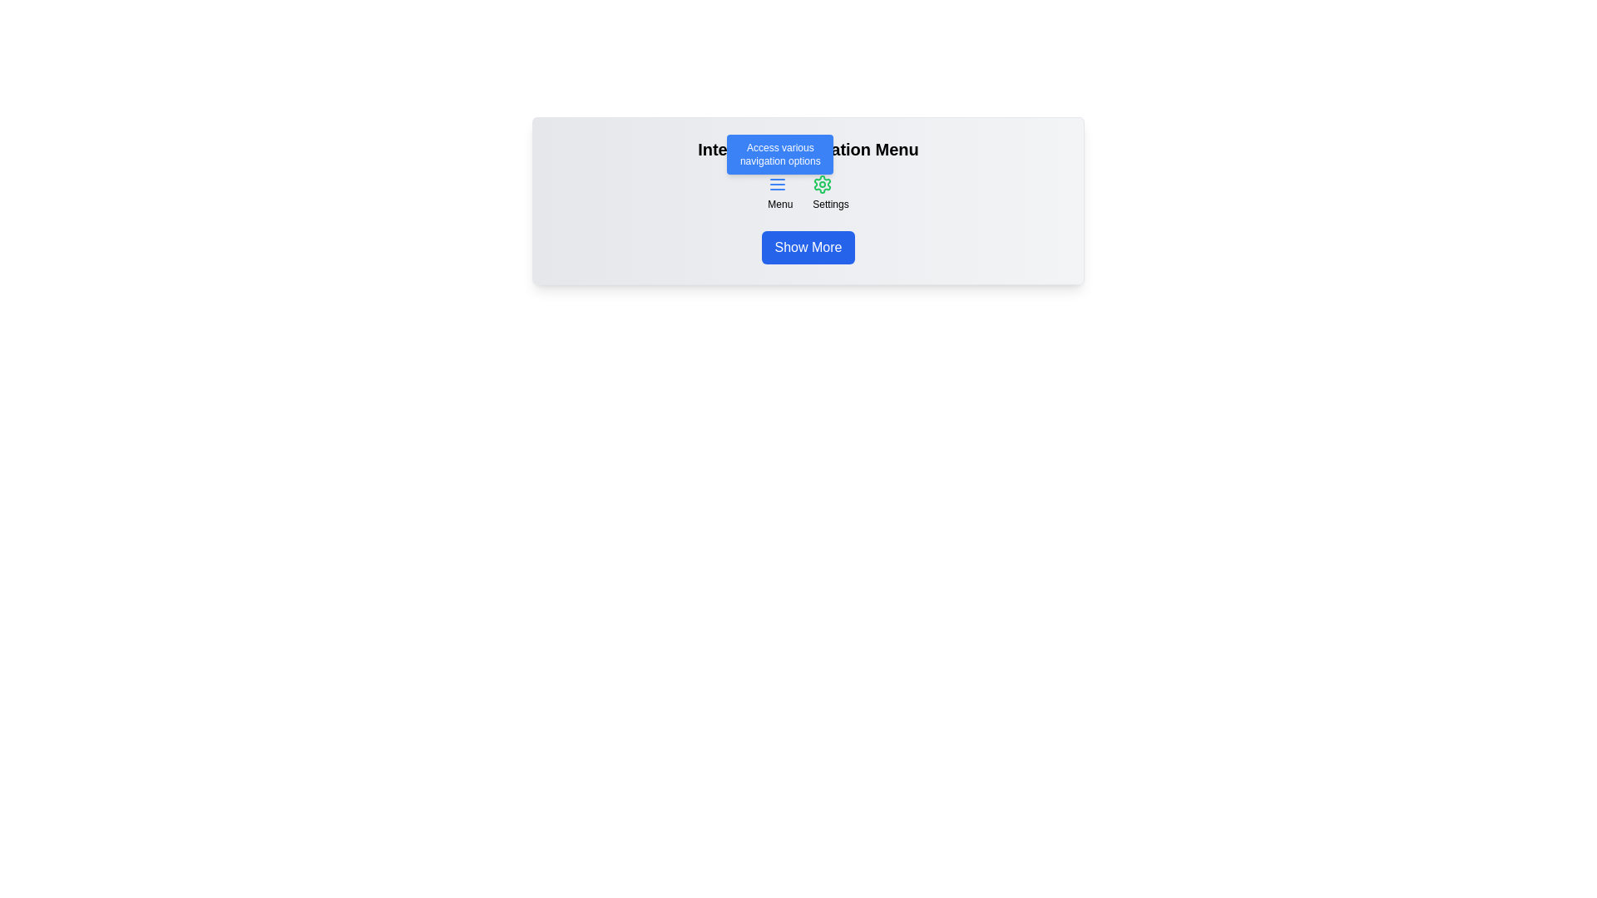  I want to click on the central interactive menu area which hosts navigation and action options for users, so click(808, 200).